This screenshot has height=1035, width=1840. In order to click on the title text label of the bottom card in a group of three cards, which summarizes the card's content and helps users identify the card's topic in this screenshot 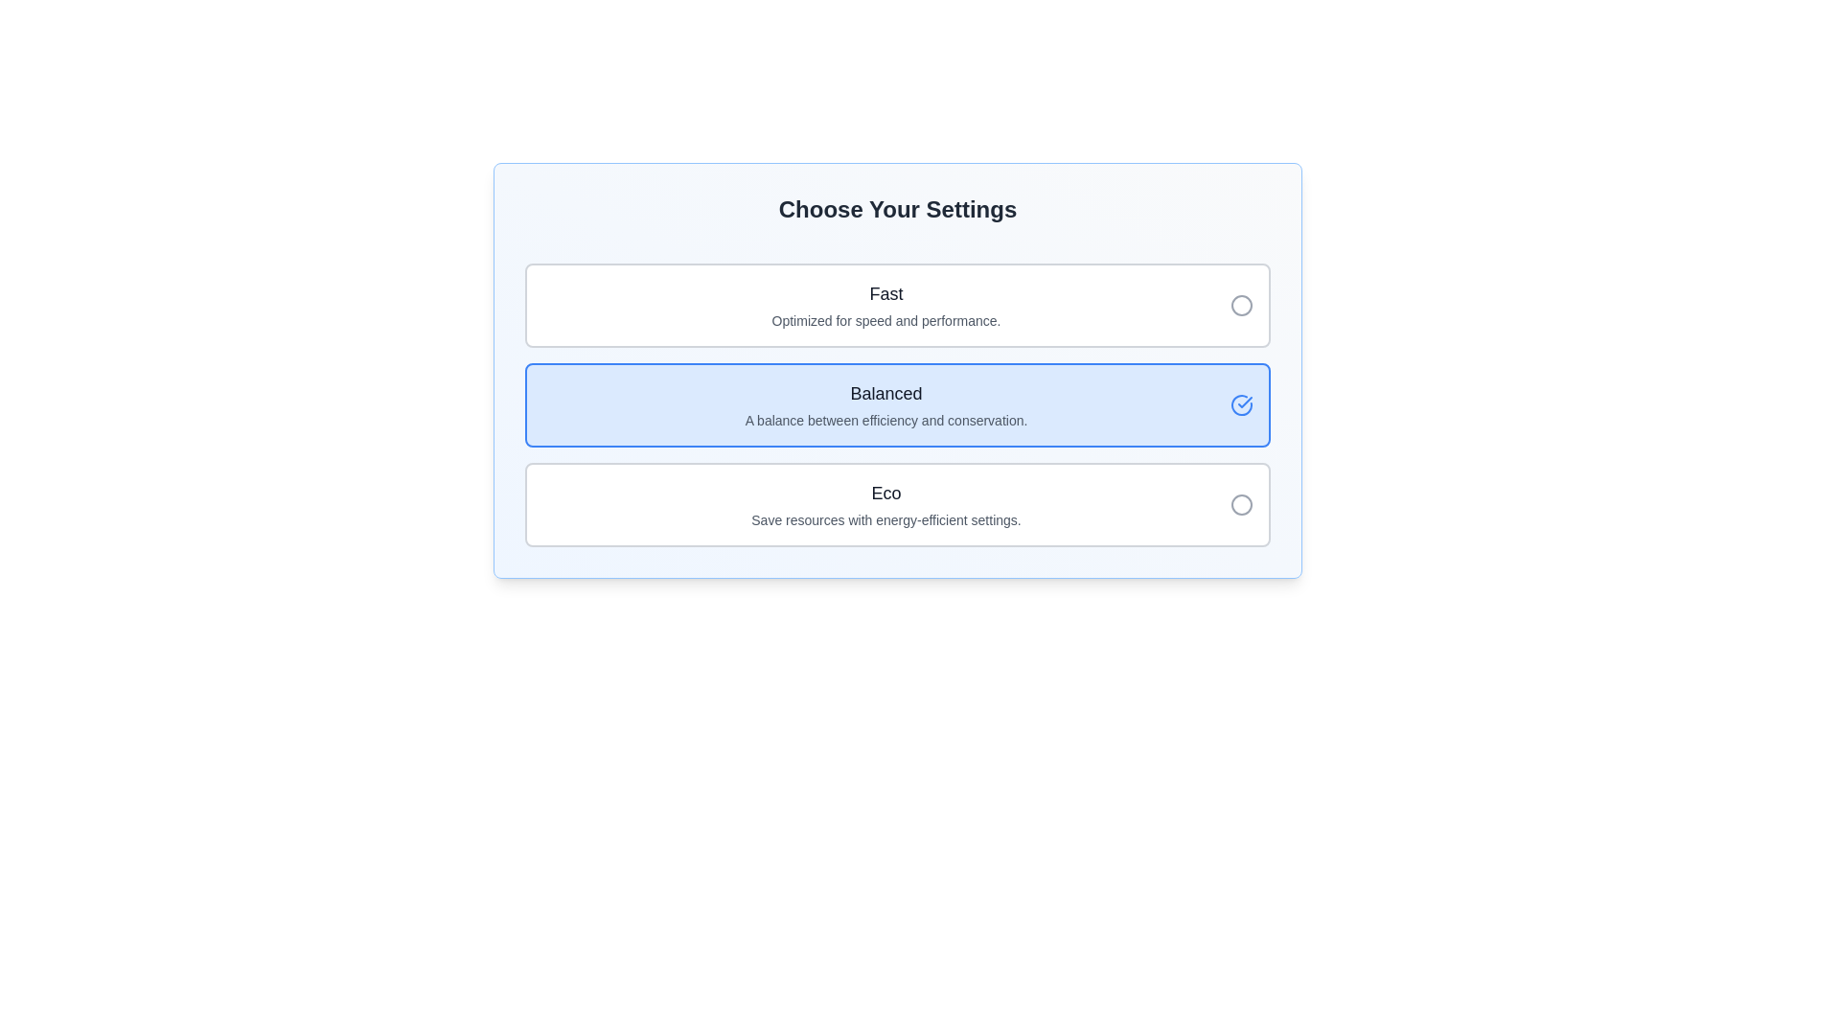, I will do `click(885, 493)`.